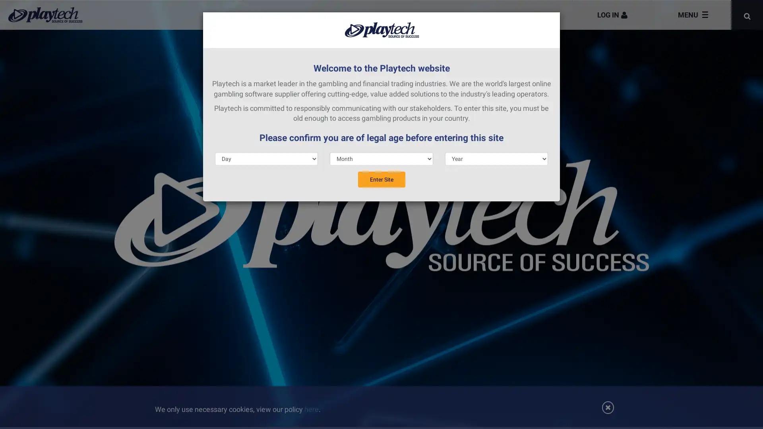 This screenshot has width=763, height=429. Describe the element at coordinates (381, 179) in the screenshot. I see `Enter Site` at that location.